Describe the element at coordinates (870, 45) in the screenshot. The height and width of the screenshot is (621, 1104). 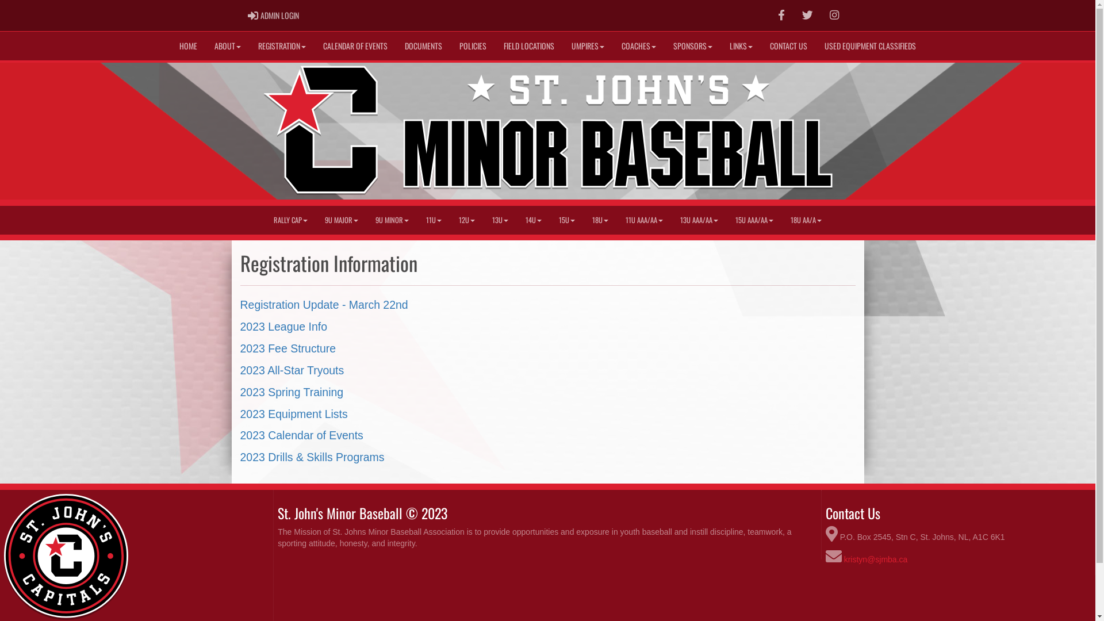
I see `'USED EQUIPMENT CLASSIFIEDS'` at that location.